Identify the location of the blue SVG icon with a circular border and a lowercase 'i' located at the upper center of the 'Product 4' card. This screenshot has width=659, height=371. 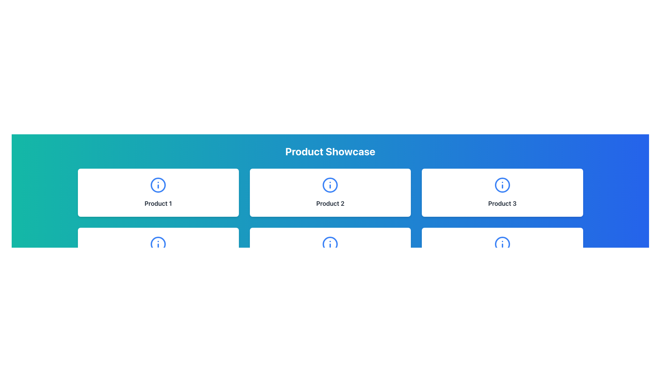
(158, 244).